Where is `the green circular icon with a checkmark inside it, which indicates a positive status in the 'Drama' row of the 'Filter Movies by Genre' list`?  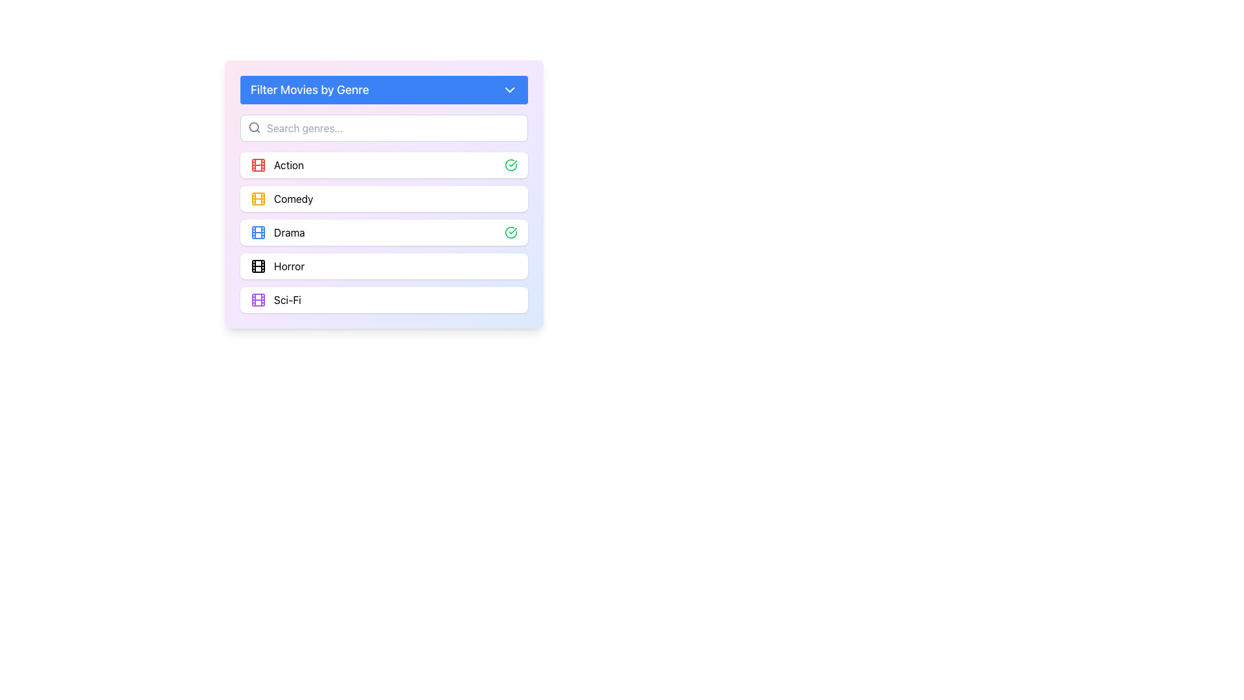
the green circular icon with a checkmark inside it, which indicates a positive status in the 'Drama' row of the 'Filter Movies by Genre' list is located at coordinates (510, 231).